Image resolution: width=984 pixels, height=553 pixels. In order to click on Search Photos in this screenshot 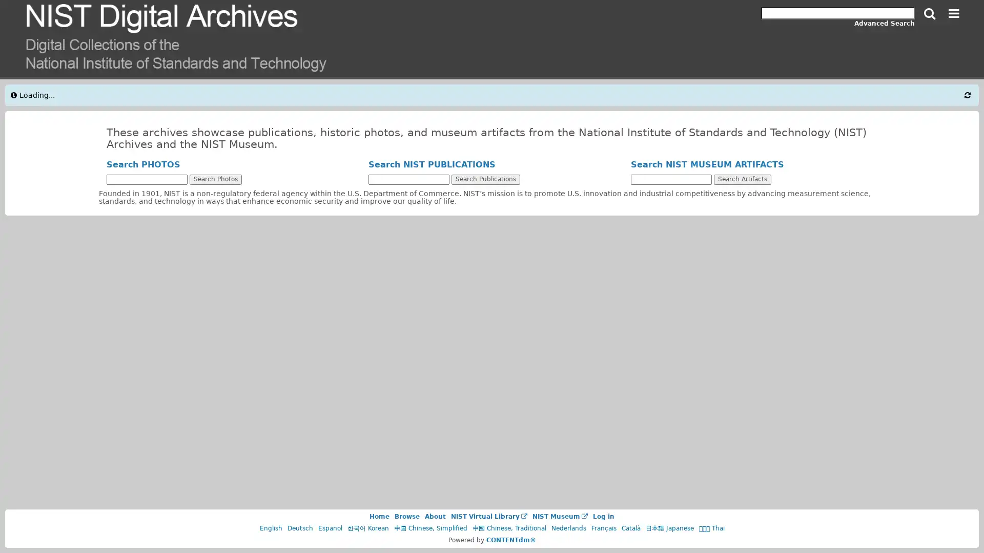, I will do `click(215, 152)`.